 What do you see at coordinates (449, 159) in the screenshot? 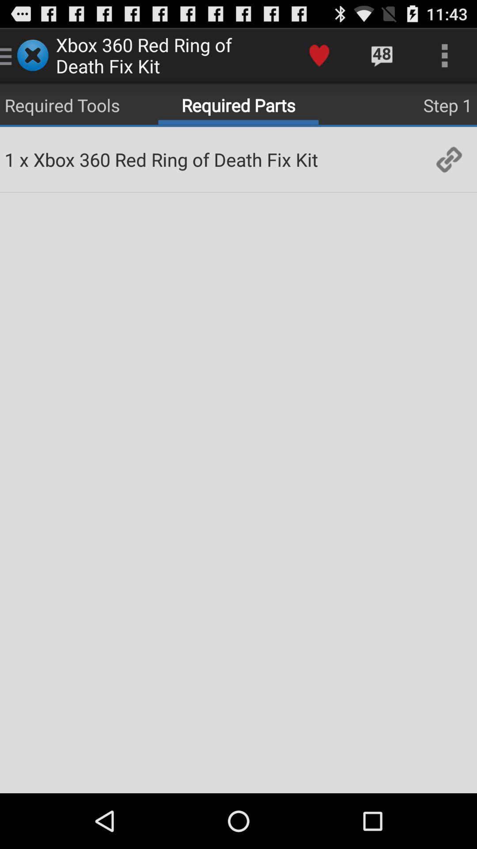
I see `item next to xbox 360 red` at bounding box center [449, 159].